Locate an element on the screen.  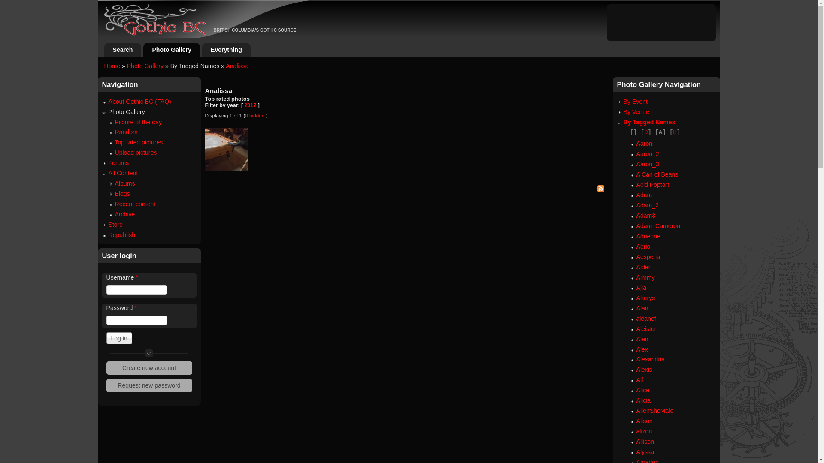
'Aaron' is located at coordinates (636, 143).